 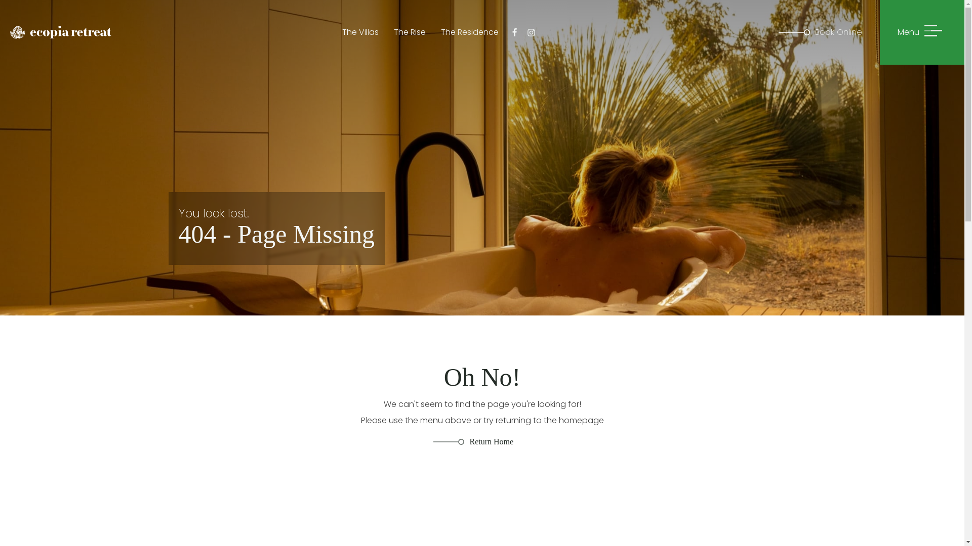 I want to click on 'Book Online', so click(x=829, y=32).